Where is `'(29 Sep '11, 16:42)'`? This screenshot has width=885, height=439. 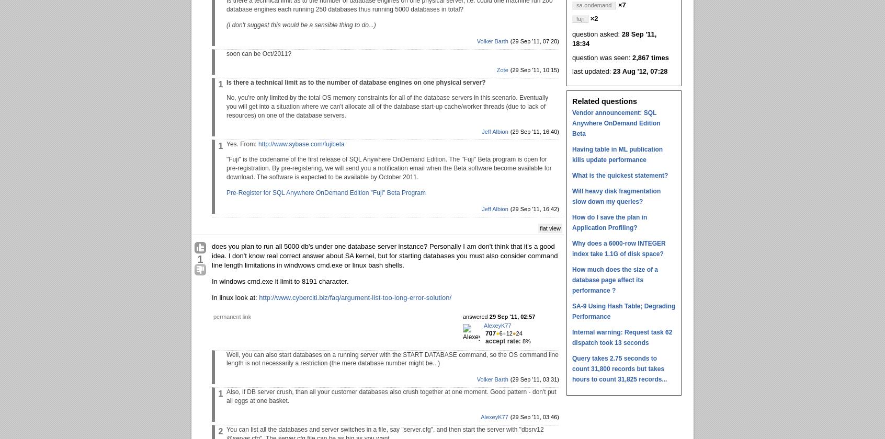 '(29 Sep '11, 16:42)' is located at coordinates (534, 209).